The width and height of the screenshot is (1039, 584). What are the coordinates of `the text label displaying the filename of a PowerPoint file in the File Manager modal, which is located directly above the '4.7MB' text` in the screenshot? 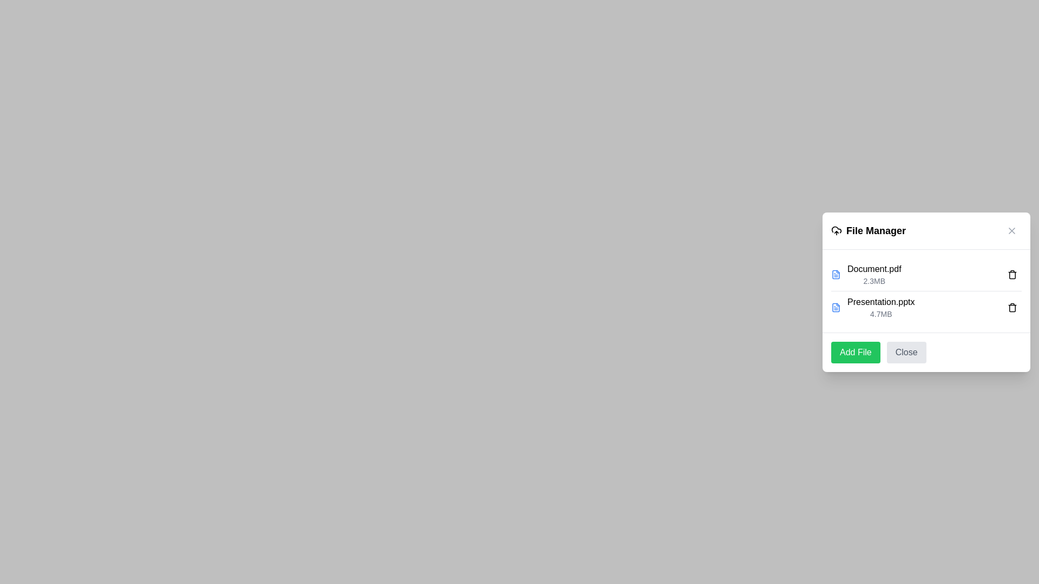 It's located at (881, 302).